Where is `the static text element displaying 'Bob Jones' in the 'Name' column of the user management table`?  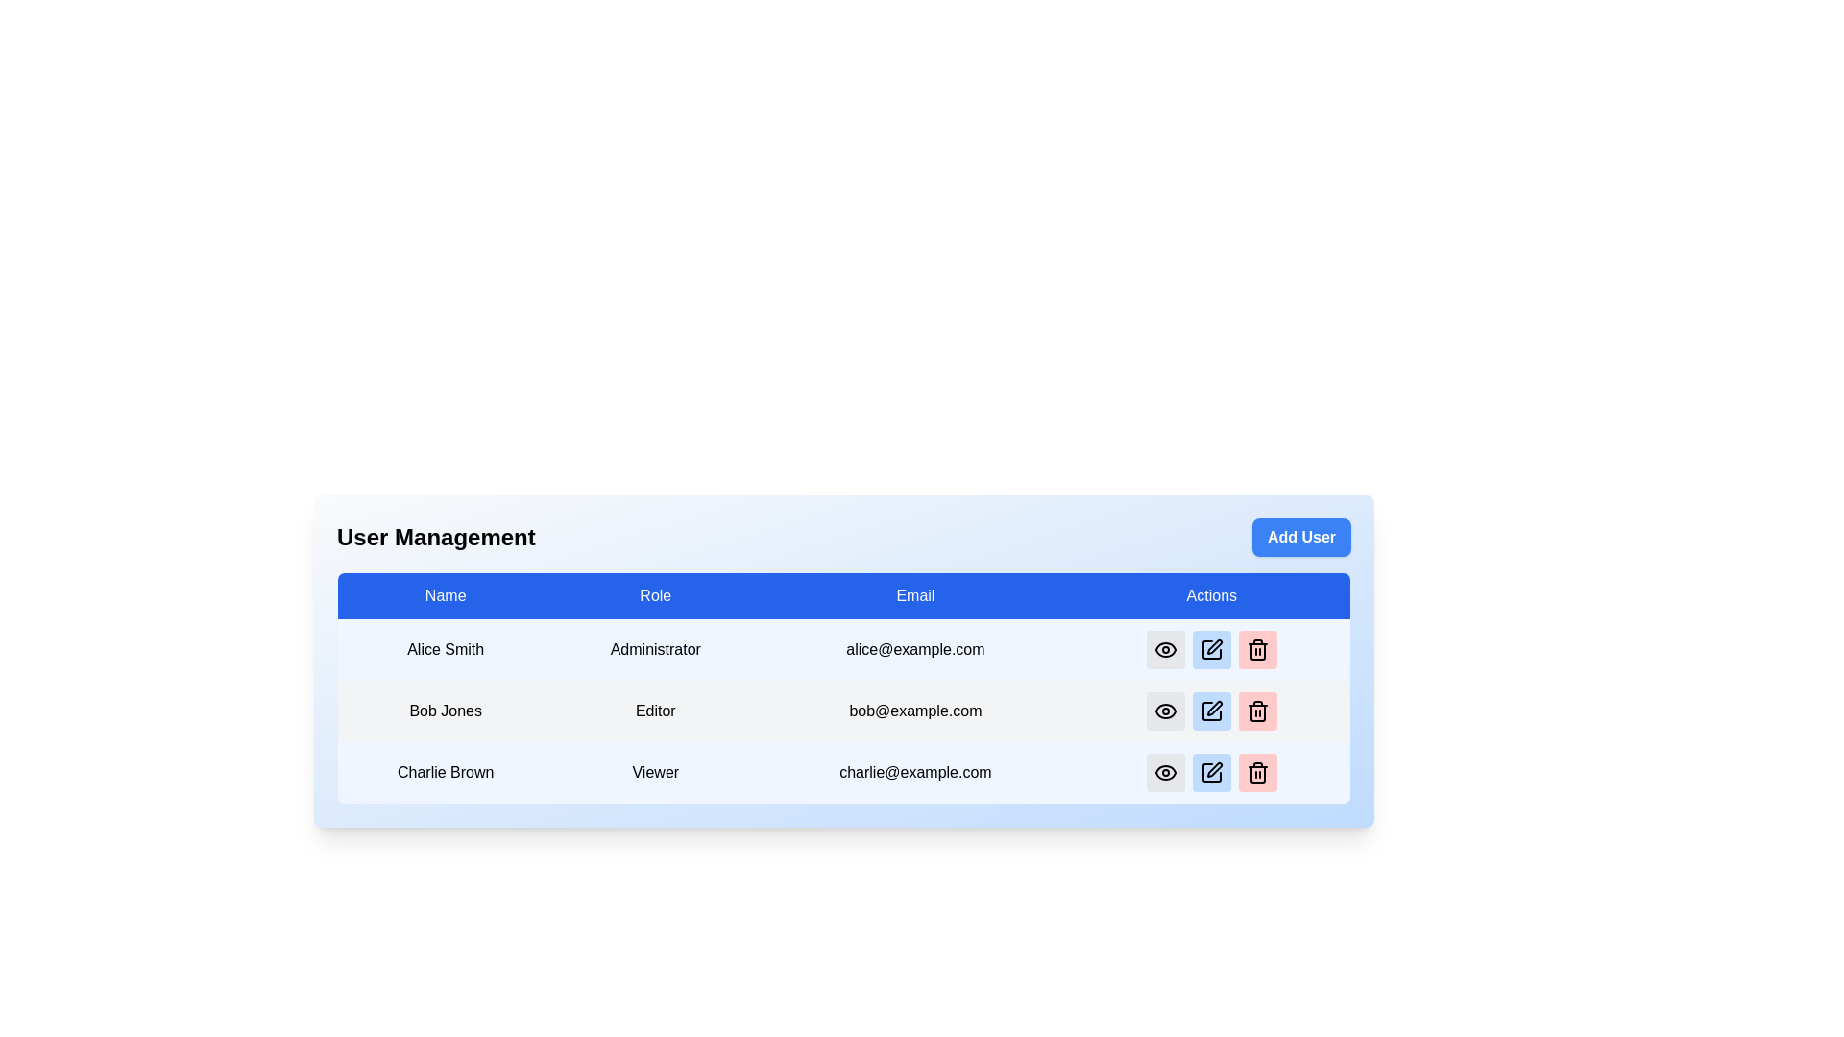 the static text element displaying 'Bob Jones' in the 'Name' column of the user management table is located at coordinates (444, 711).